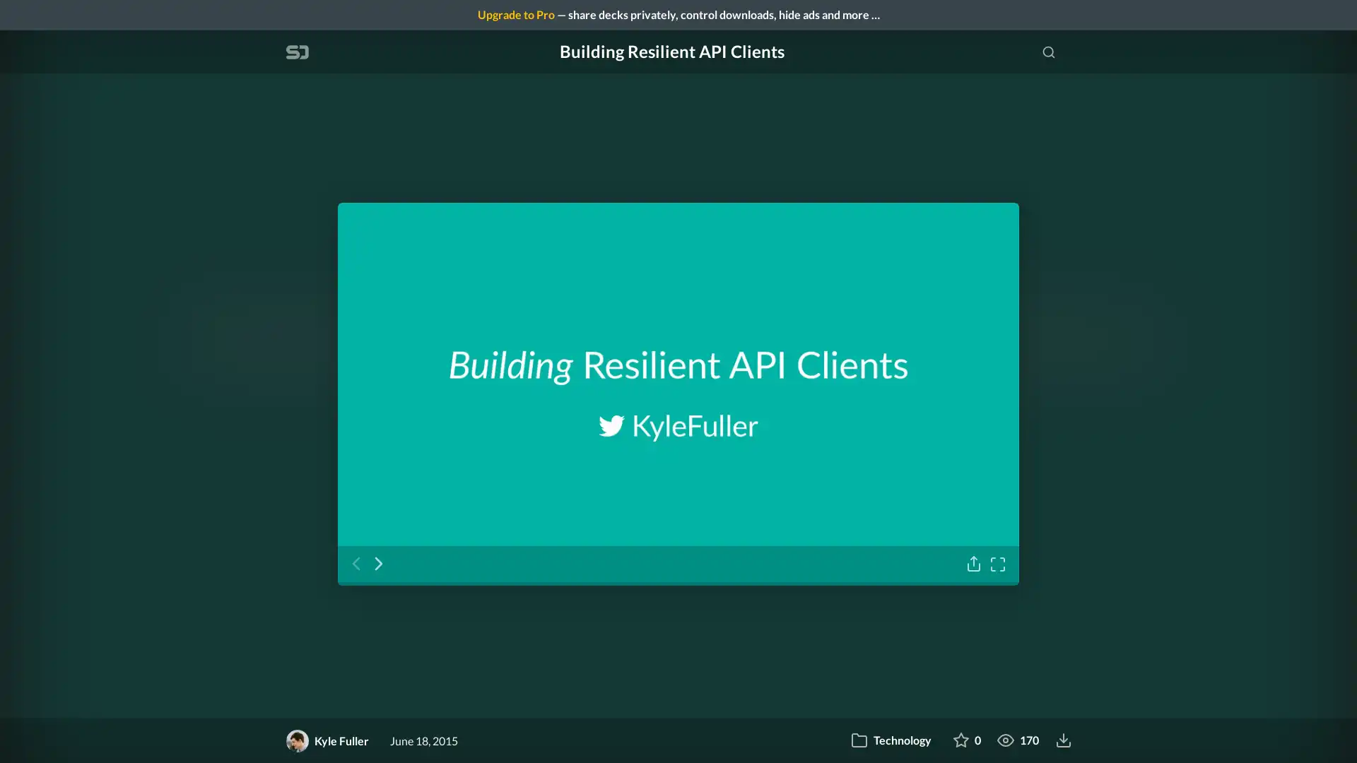 The width and height of the screenshot is (1357, 763). Describe the element at coordinates (1048, 51) in the screenshot. I see `Toggle Search` at that location.